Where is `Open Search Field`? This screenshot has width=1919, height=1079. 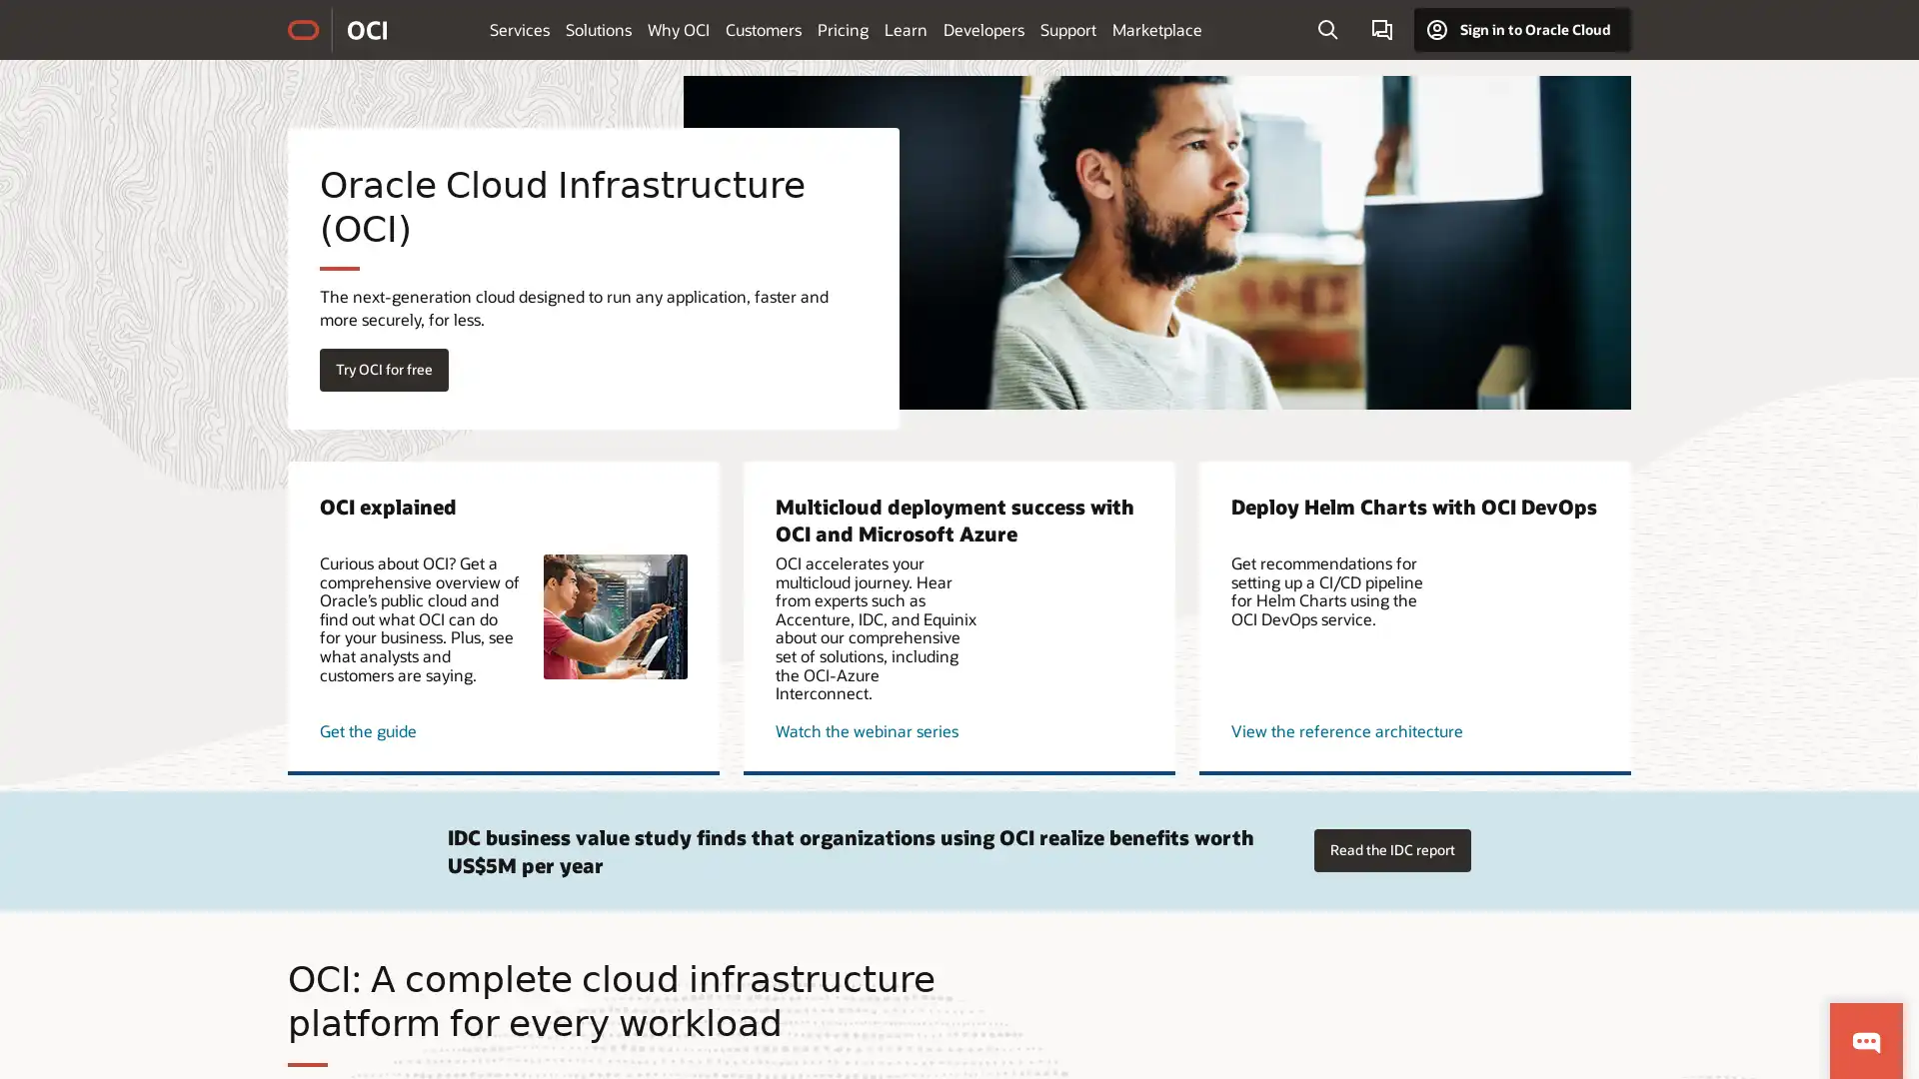
Open Search Field is located at coordinates (1327, 30).